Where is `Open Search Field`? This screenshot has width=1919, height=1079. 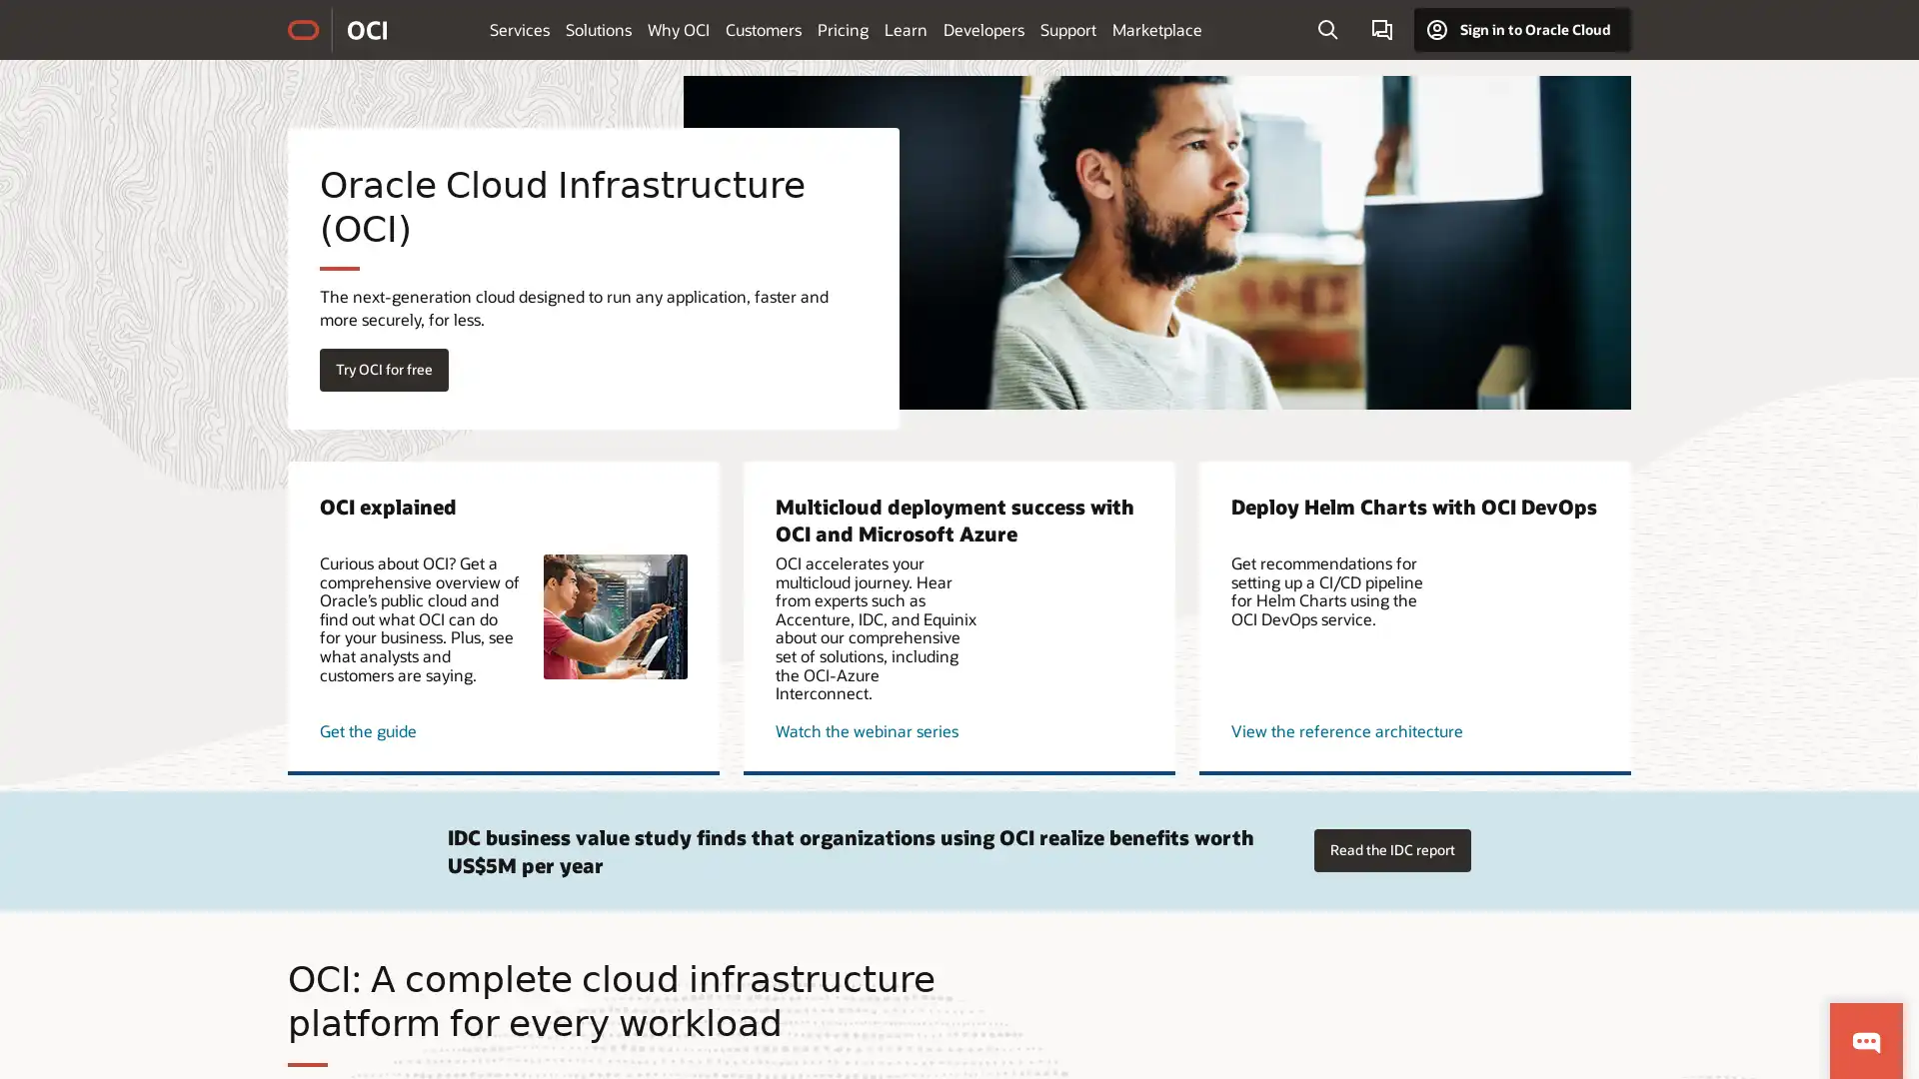
Open Search Field is located at coordinates (1327, 30).